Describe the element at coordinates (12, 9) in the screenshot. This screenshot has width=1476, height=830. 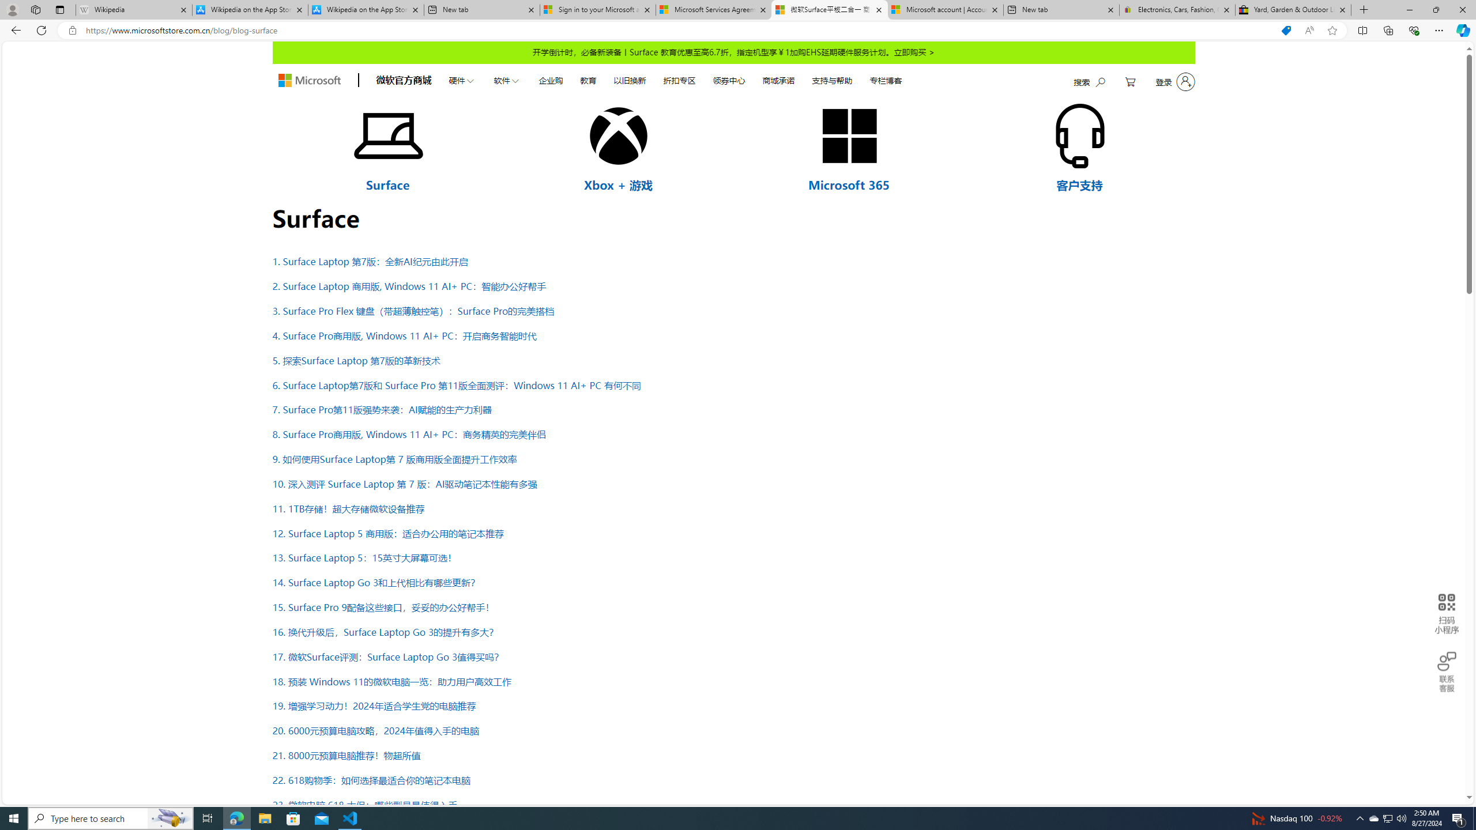
I see `'Personal Profile'` at that location.